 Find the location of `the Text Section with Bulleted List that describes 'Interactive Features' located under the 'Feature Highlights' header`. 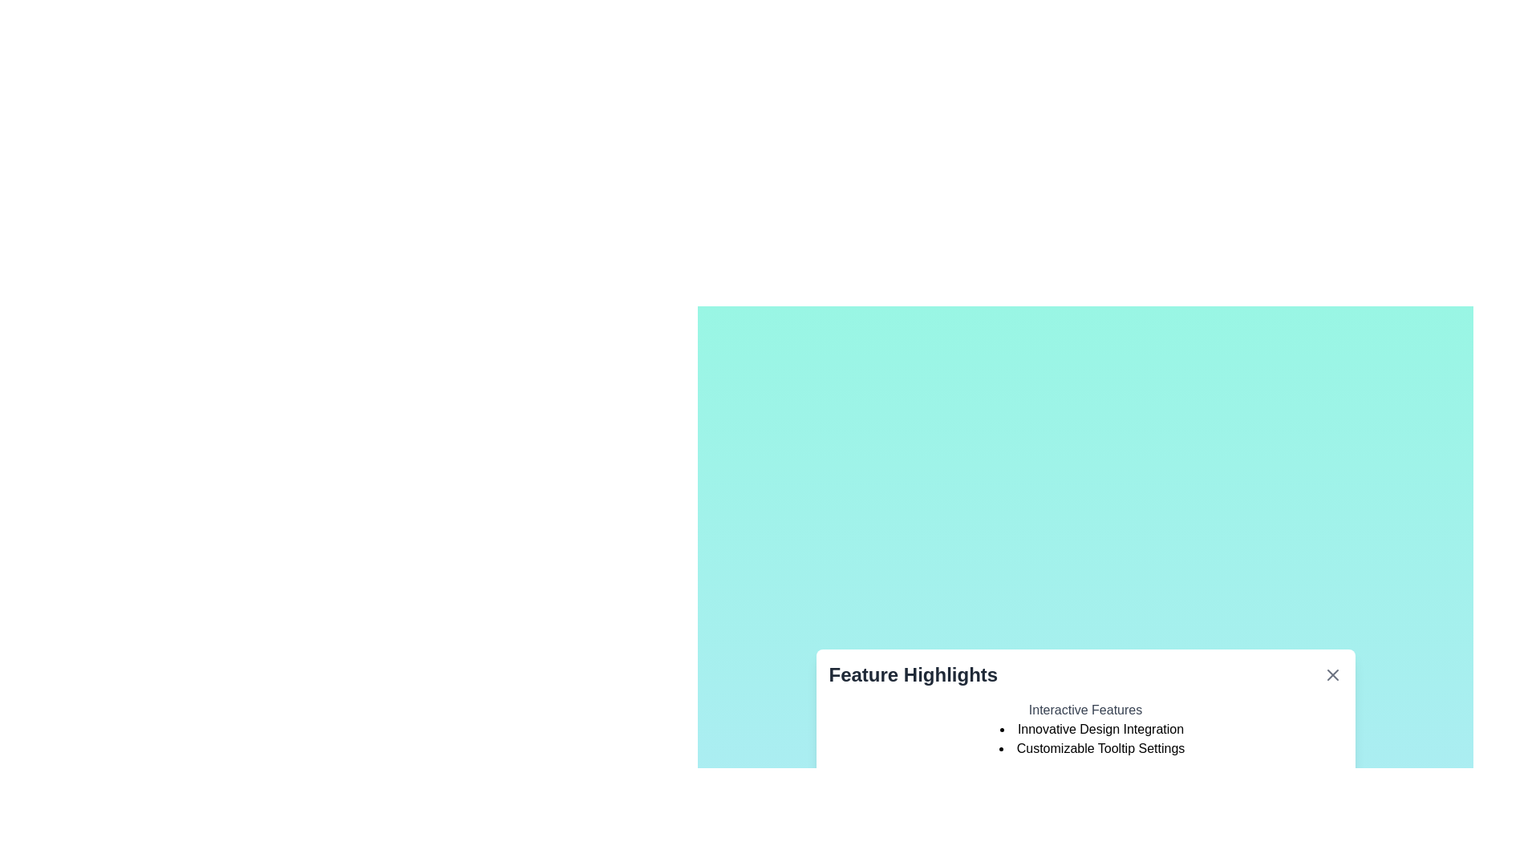

the Text Section with Bulleted List that describes 'Interactive Features' located under the 'Feature Highlights' header is located at coordinates (1085, 730).